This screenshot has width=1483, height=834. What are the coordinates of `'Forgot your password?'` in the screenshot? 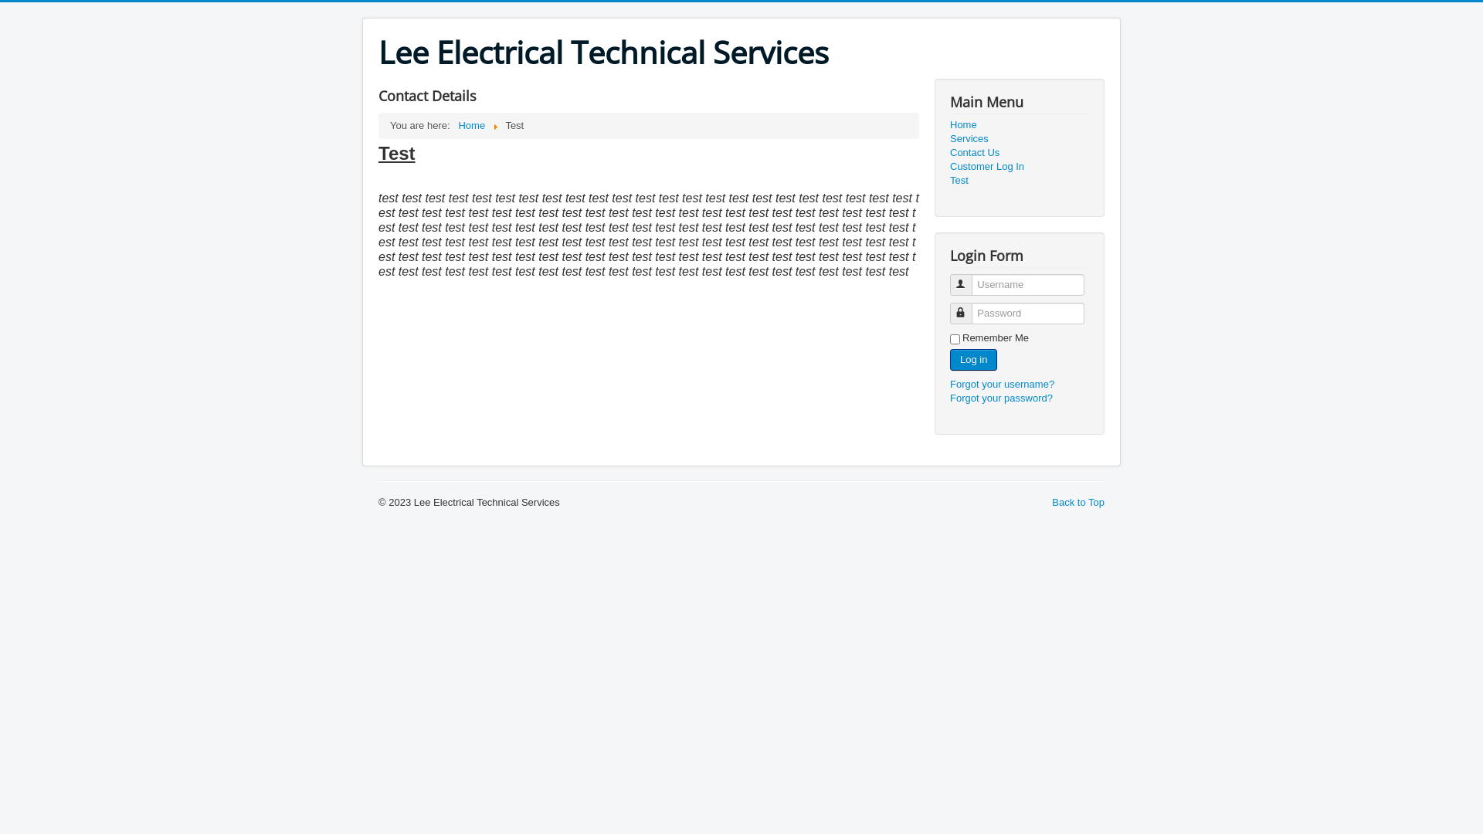 It's located at (1001, 397).